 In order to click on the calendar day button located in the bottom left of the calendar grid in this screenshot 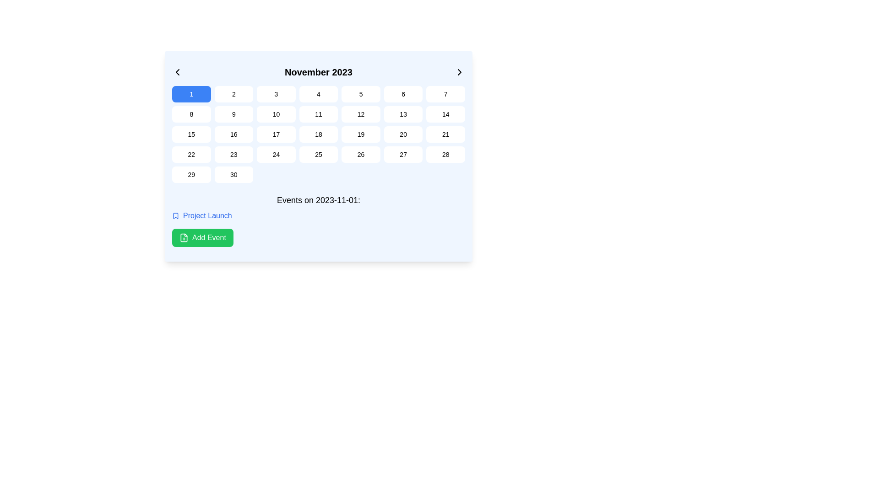, I will do `click(191, 174)`.